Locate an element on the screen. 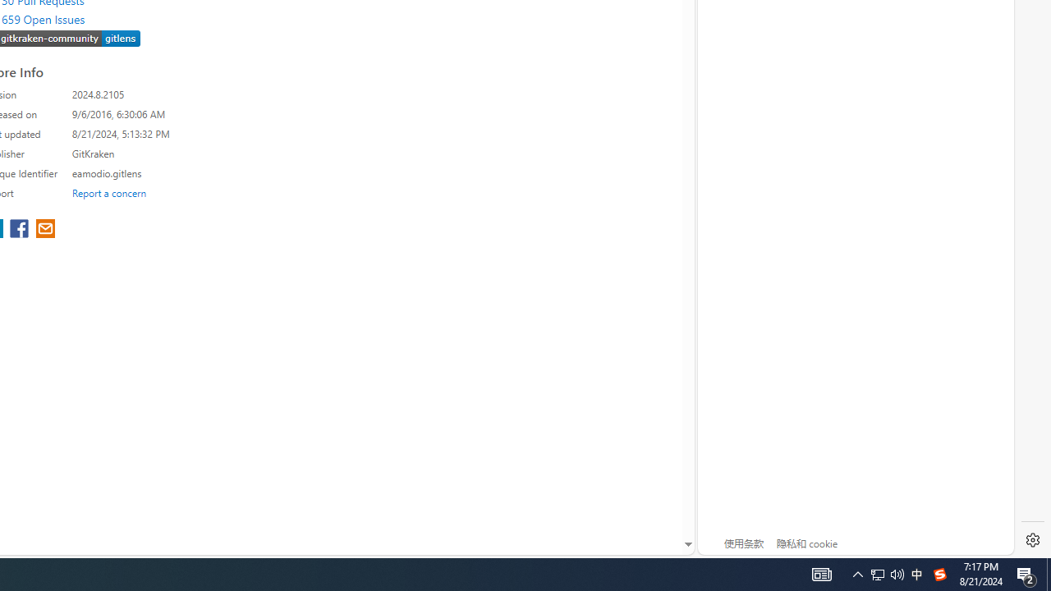 The width and height of the screenshot is (1051, 591). 'Report a concern' is located at coordinates (108, 192).